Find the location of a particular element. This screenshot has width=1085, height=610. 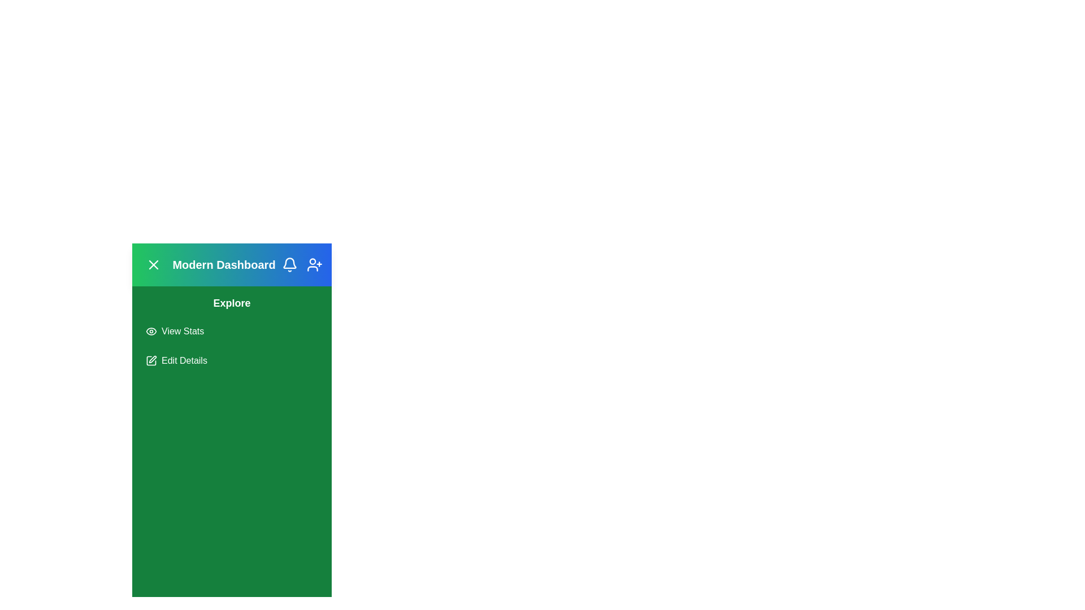

the 'add user' icon in the app bar is located at coordinates (314, 265).